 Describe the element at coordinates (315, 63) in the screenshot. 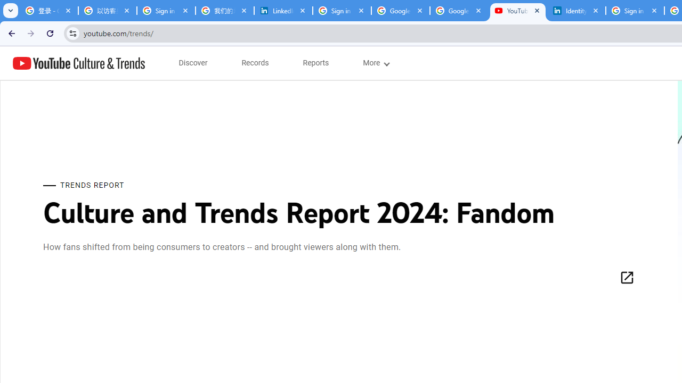

I see `'subnav-Reports menupopup'` at that location.